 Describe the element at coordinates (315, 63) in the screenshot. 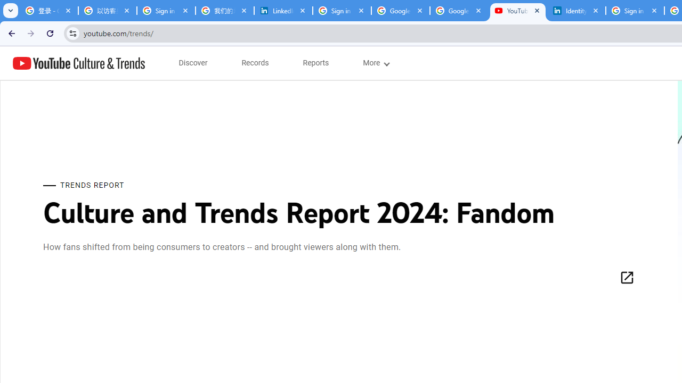

I see `'subnav-Reports menupopup'` at that location.